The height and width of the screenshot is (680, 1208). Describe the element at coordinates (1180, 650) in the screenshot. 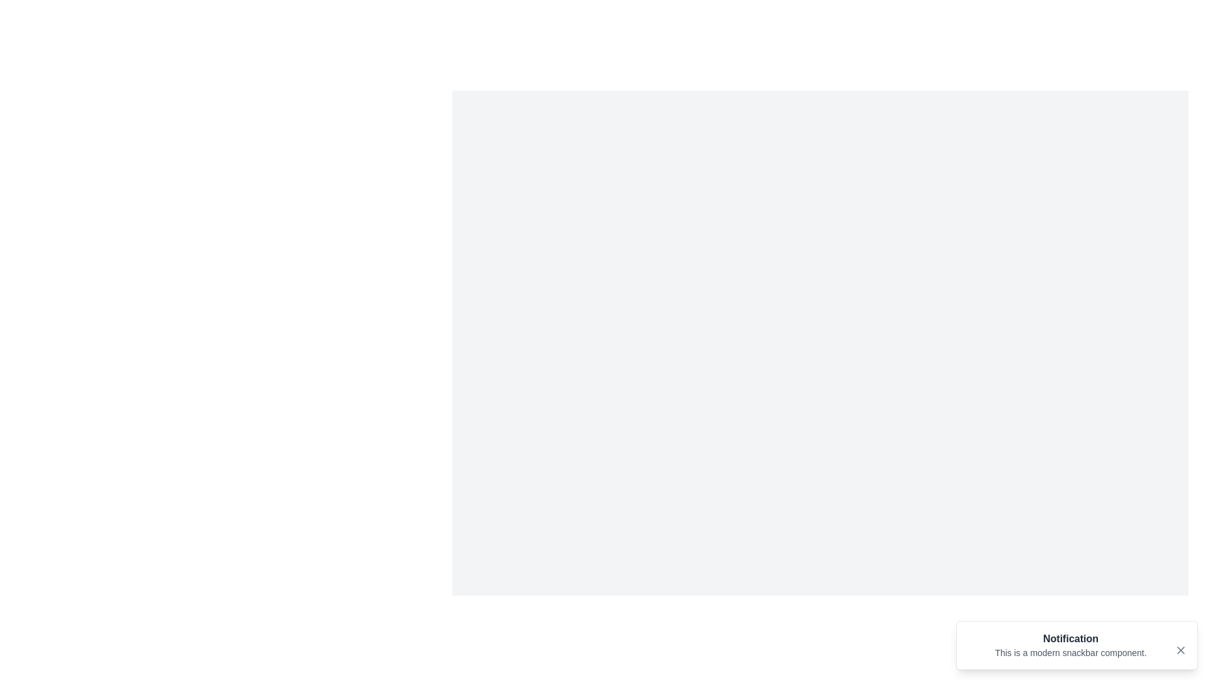

I see `the close button icon located in the bottom-right corner of the notification component` at that location.